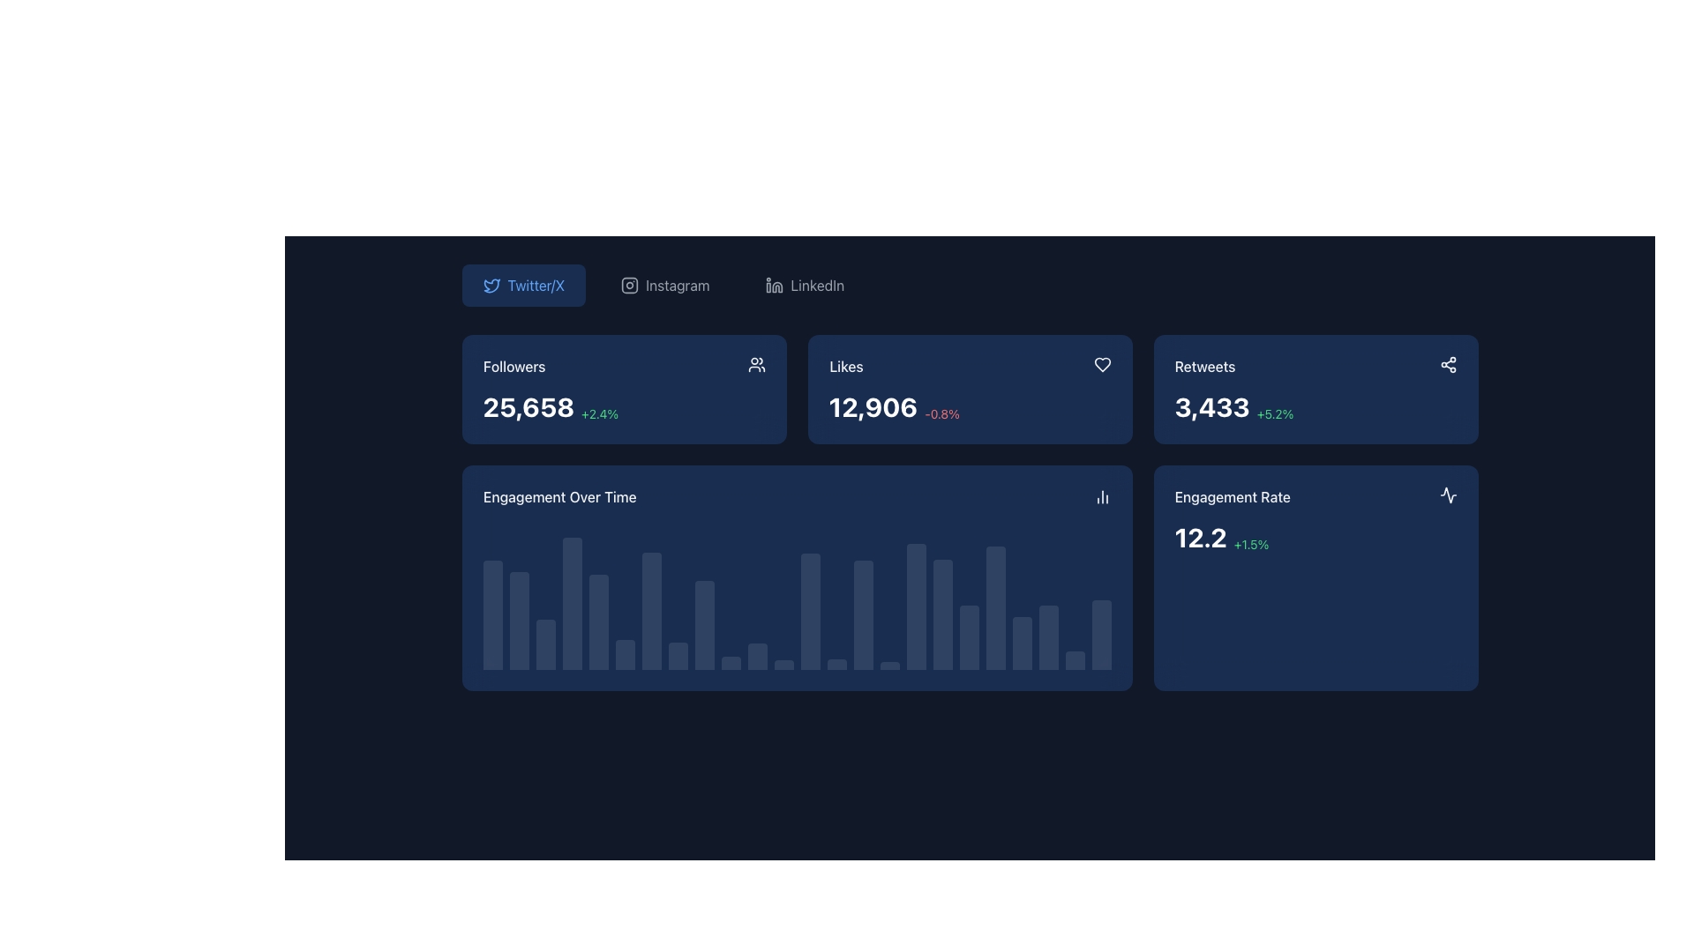  What do you see at coordinates (677, 656) in the screenshot?
I see `the eighth bar of the vertical bar chart in the 'Engagement Over Time' section, which is styled with a white semi-transparent overlay on a dark background` at bounding box center [677, 656].